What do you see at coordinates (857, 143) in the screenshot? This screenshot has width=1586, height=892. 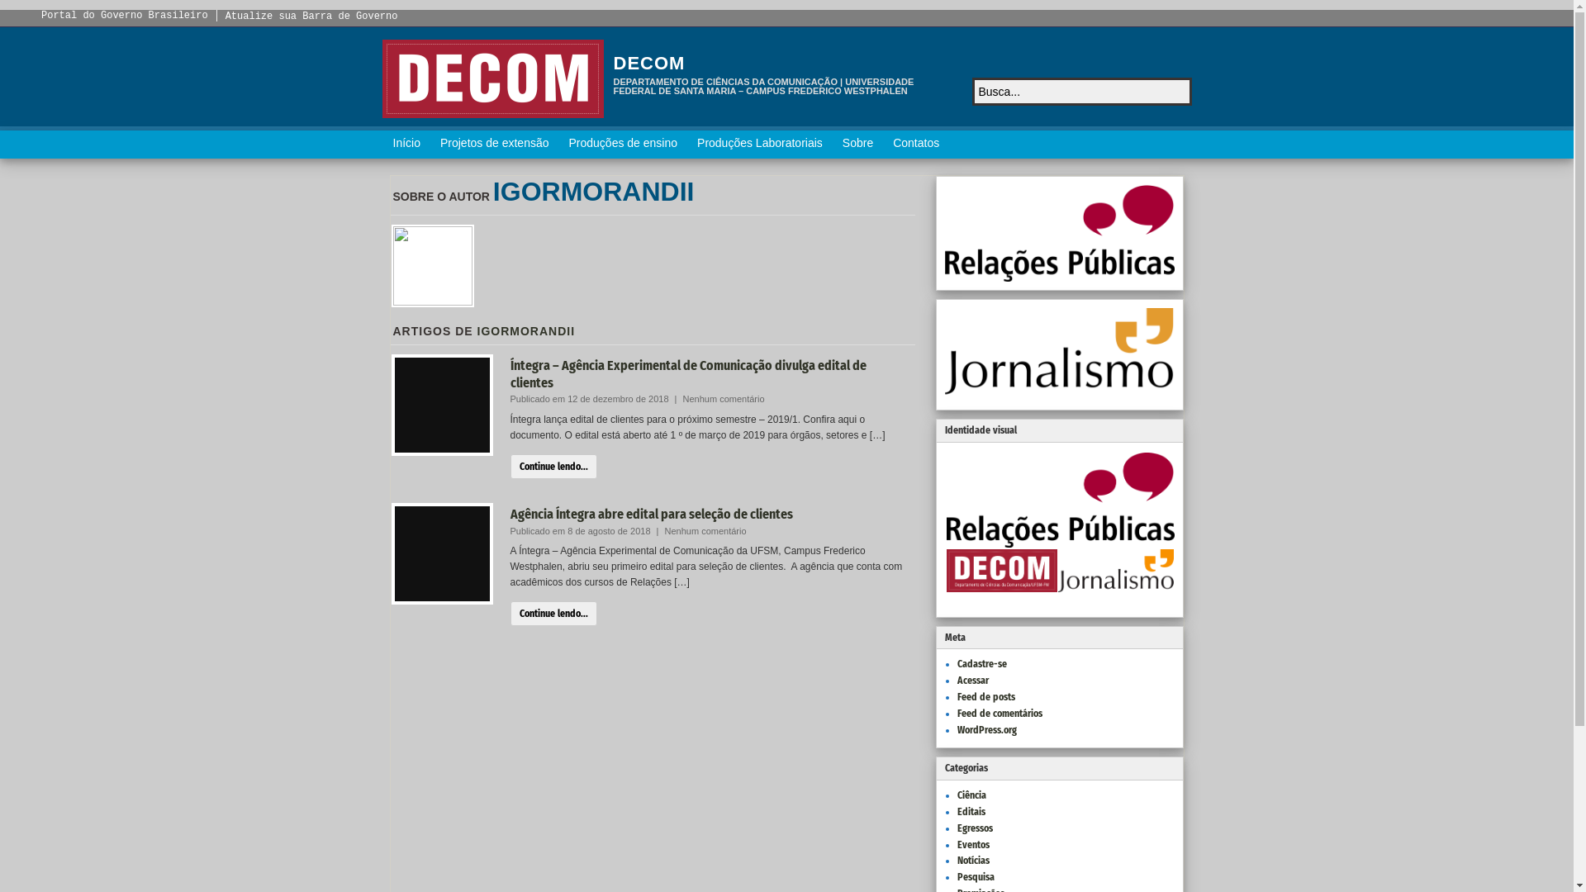 I see `'Sobre'` at bounding box center [857, 143].